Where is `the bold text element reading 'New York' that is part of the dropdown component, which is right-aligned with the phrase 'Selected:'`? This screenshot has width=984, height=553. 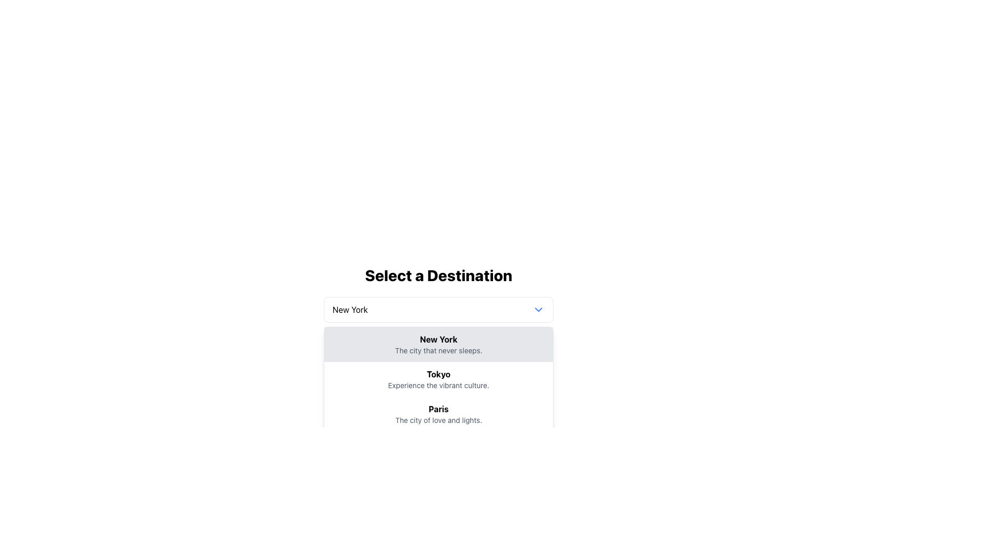
the bold text element reading 'New York' that is part of the dropdown component, which is right-aligned with the phrase 'Selected:' is located at coordinates (457, 349).